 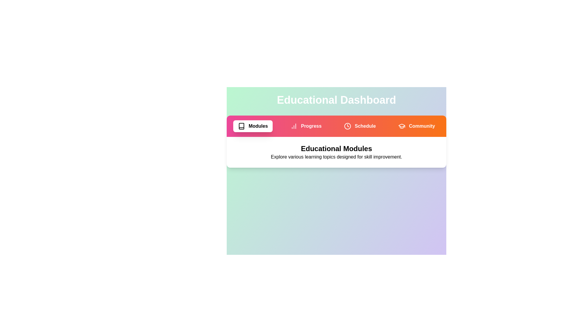 I want to click on the 'Community' navigation button located at the top-right of the navigation bar, so click(x=422, y=126).